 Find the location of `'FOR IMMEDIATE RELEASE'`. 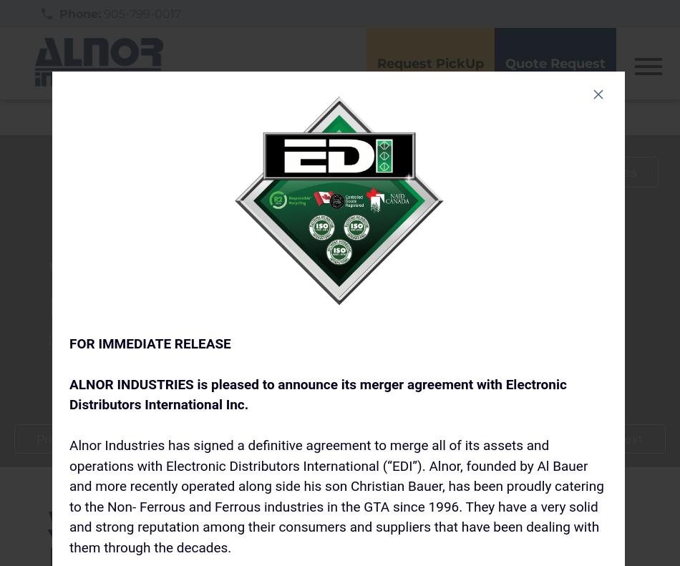

'FOR IMMEDIATE RELEASE' is located at coordinates (150, 342).